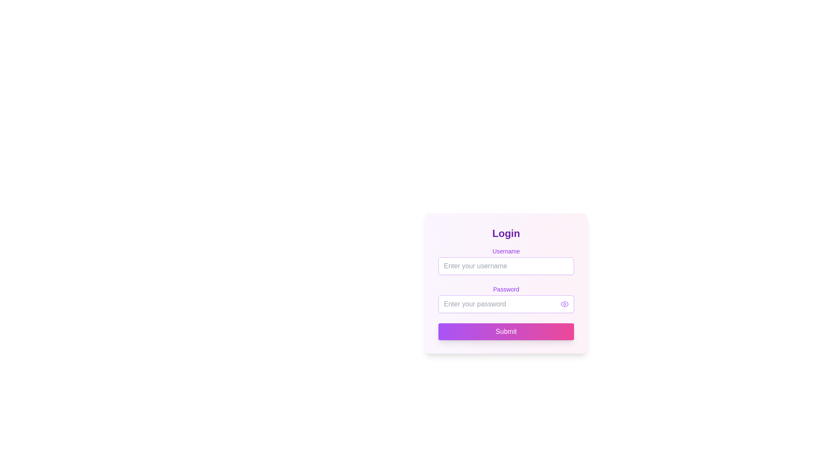 This screenshot has height=457, width=814. Describe the element at coordinates (506, 284) in the screenshot. I see `the text label indicating the password field in the login form, which is positioned directly below the 'Username' input field` at that location.